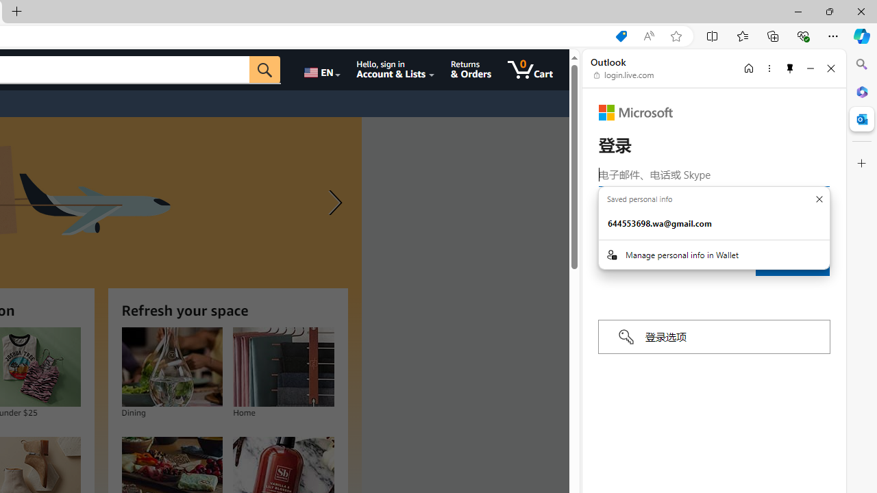 The image size is (877, 493). Describe the element at coordinates (321, 69) in the screenshot. I see `'Choose a language for shopping.'` at that location.